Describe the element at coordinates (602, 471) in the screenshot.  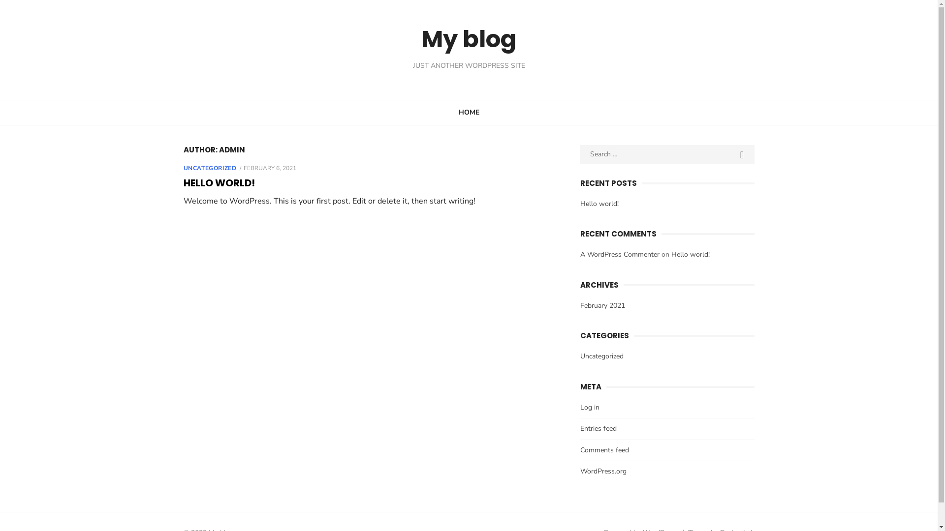
I see `'WordPress.org'` at that location.